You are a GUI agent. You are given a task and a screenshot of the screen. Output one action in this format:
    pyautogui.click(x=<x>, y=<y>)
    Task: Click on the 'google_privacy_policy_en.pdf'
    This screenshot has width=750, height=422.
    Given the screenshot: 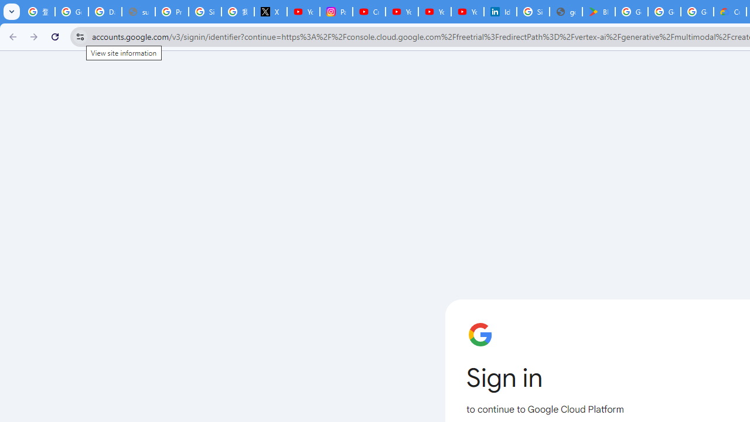 What is the action you would take?
    pyautogui.click(x=566, y=12)
    